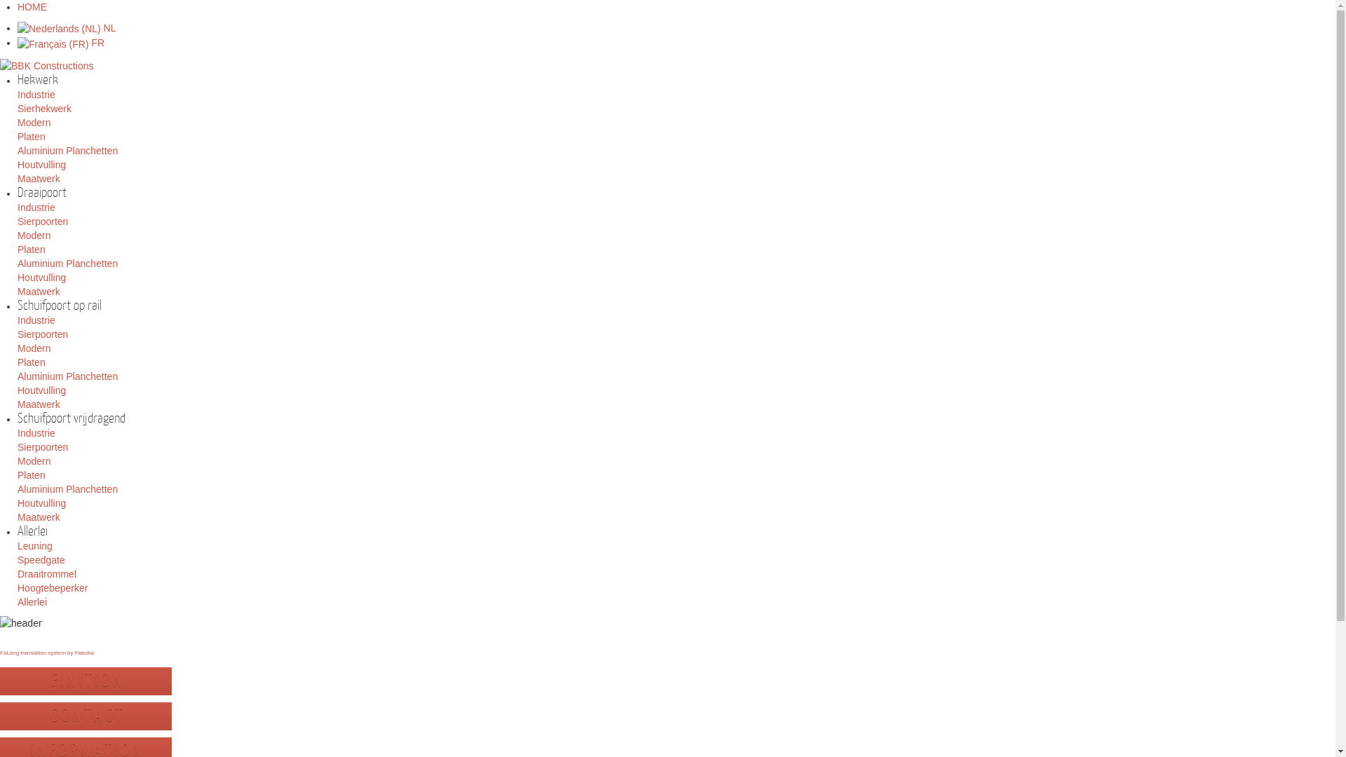 Image resolution: width=1346 pixels, height=757 pixels. I want to click on 'NL', so click(66, 27).